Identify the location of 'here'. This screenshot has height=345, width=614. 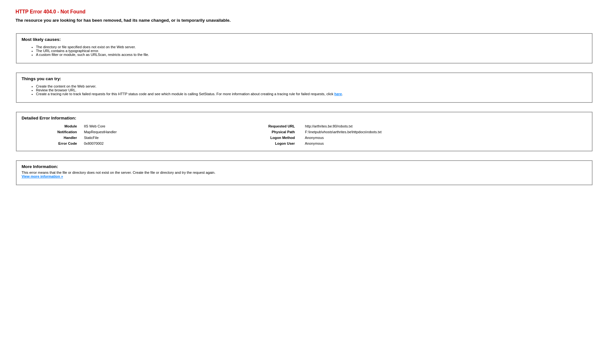
(338, 94).